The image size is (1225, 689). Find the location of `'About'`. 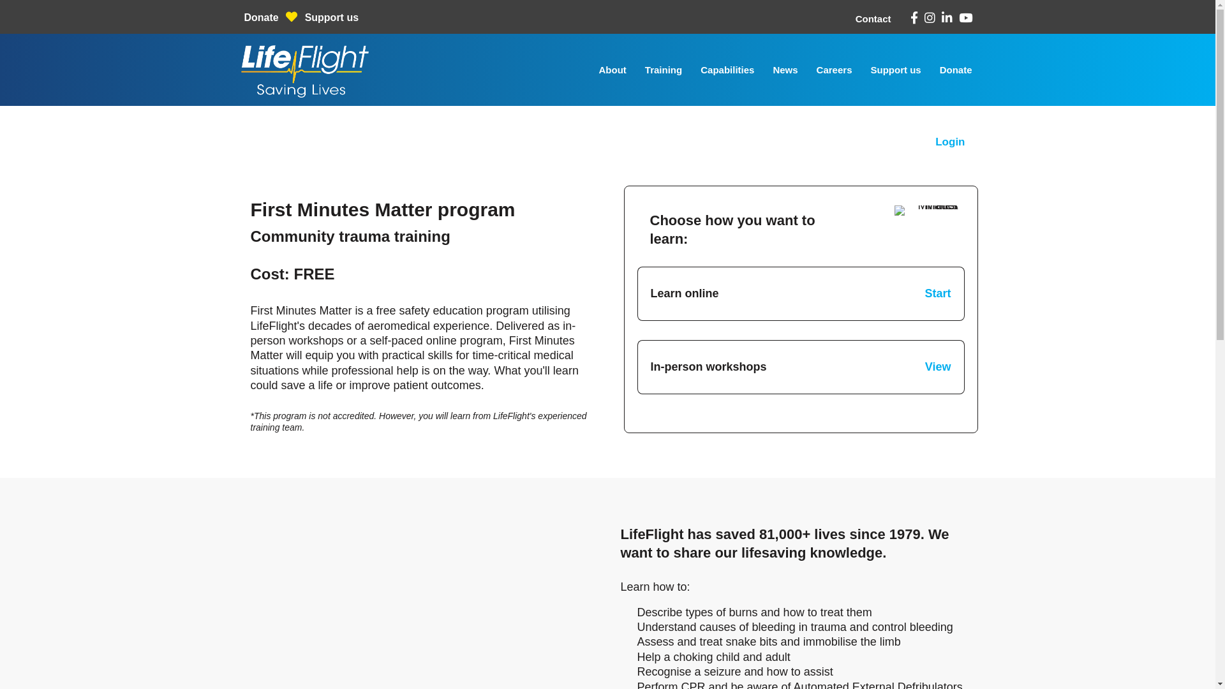

'About' is located at coordinates (612, 70).